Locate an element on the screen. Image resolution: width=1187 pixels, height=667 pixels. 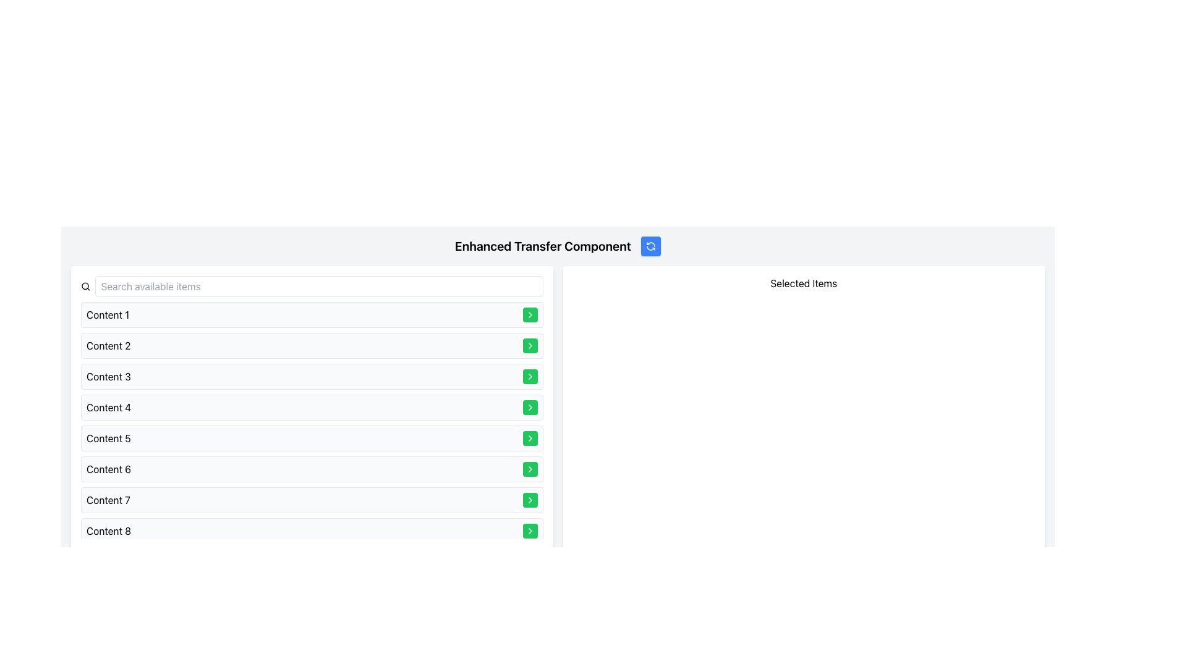
the circular graphic within the search icon, which is part of the magnifying glass depiction located at the top left corner of the interface is located at coordinates (85, 286).